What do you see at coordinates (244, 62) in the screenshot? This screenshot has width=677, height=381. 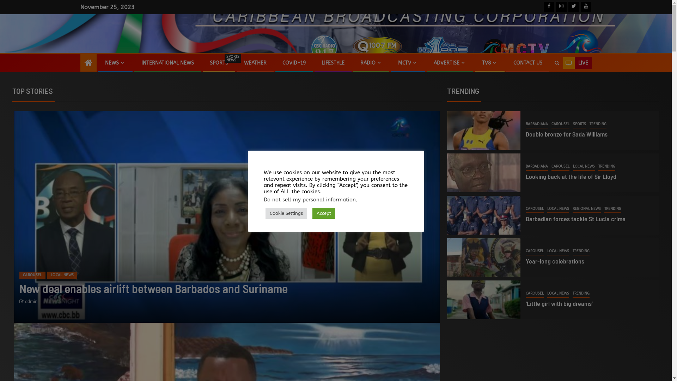 I see `'WEATHER'` at bounding box center [244, 62].